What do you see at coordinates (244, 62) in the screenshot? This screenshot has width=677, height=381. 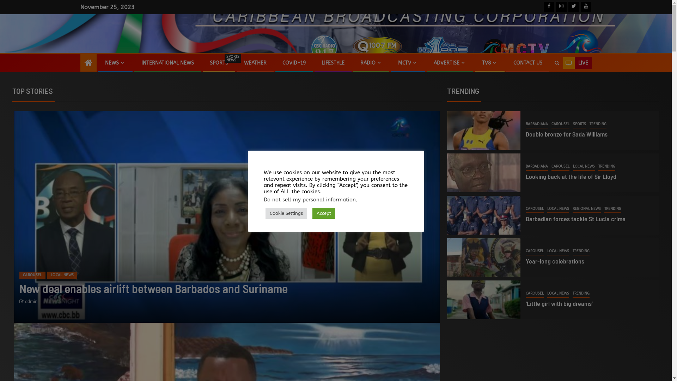 I see `'WEATHER'` at bounding box center [244, 62].